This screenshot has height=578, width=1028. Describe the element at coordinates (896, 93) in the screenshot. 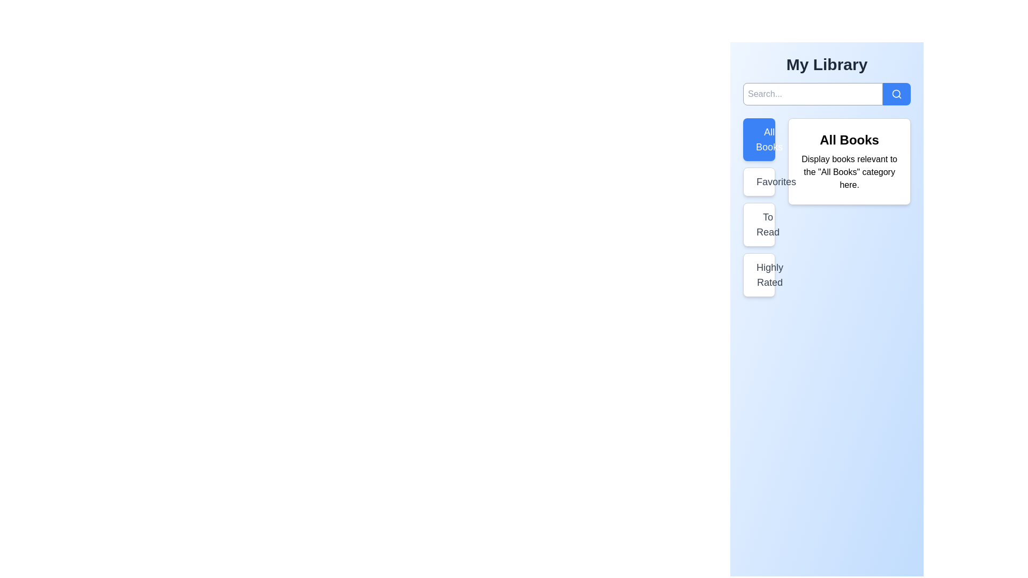

I see `circular search icon element, which is part of a magnifying glass symbol located at the upper right corner of the search bar, by clicking on it` at that location.